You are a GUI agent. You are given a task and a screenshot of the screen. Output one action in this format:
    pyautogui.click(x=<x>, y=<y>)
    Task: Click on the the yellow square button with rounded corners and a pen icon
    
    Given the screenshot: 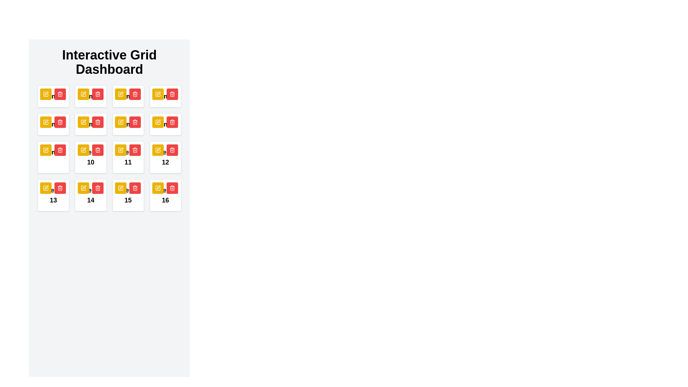 What is the action you would take?
    pyautogui.click(x=158, y=187)
    